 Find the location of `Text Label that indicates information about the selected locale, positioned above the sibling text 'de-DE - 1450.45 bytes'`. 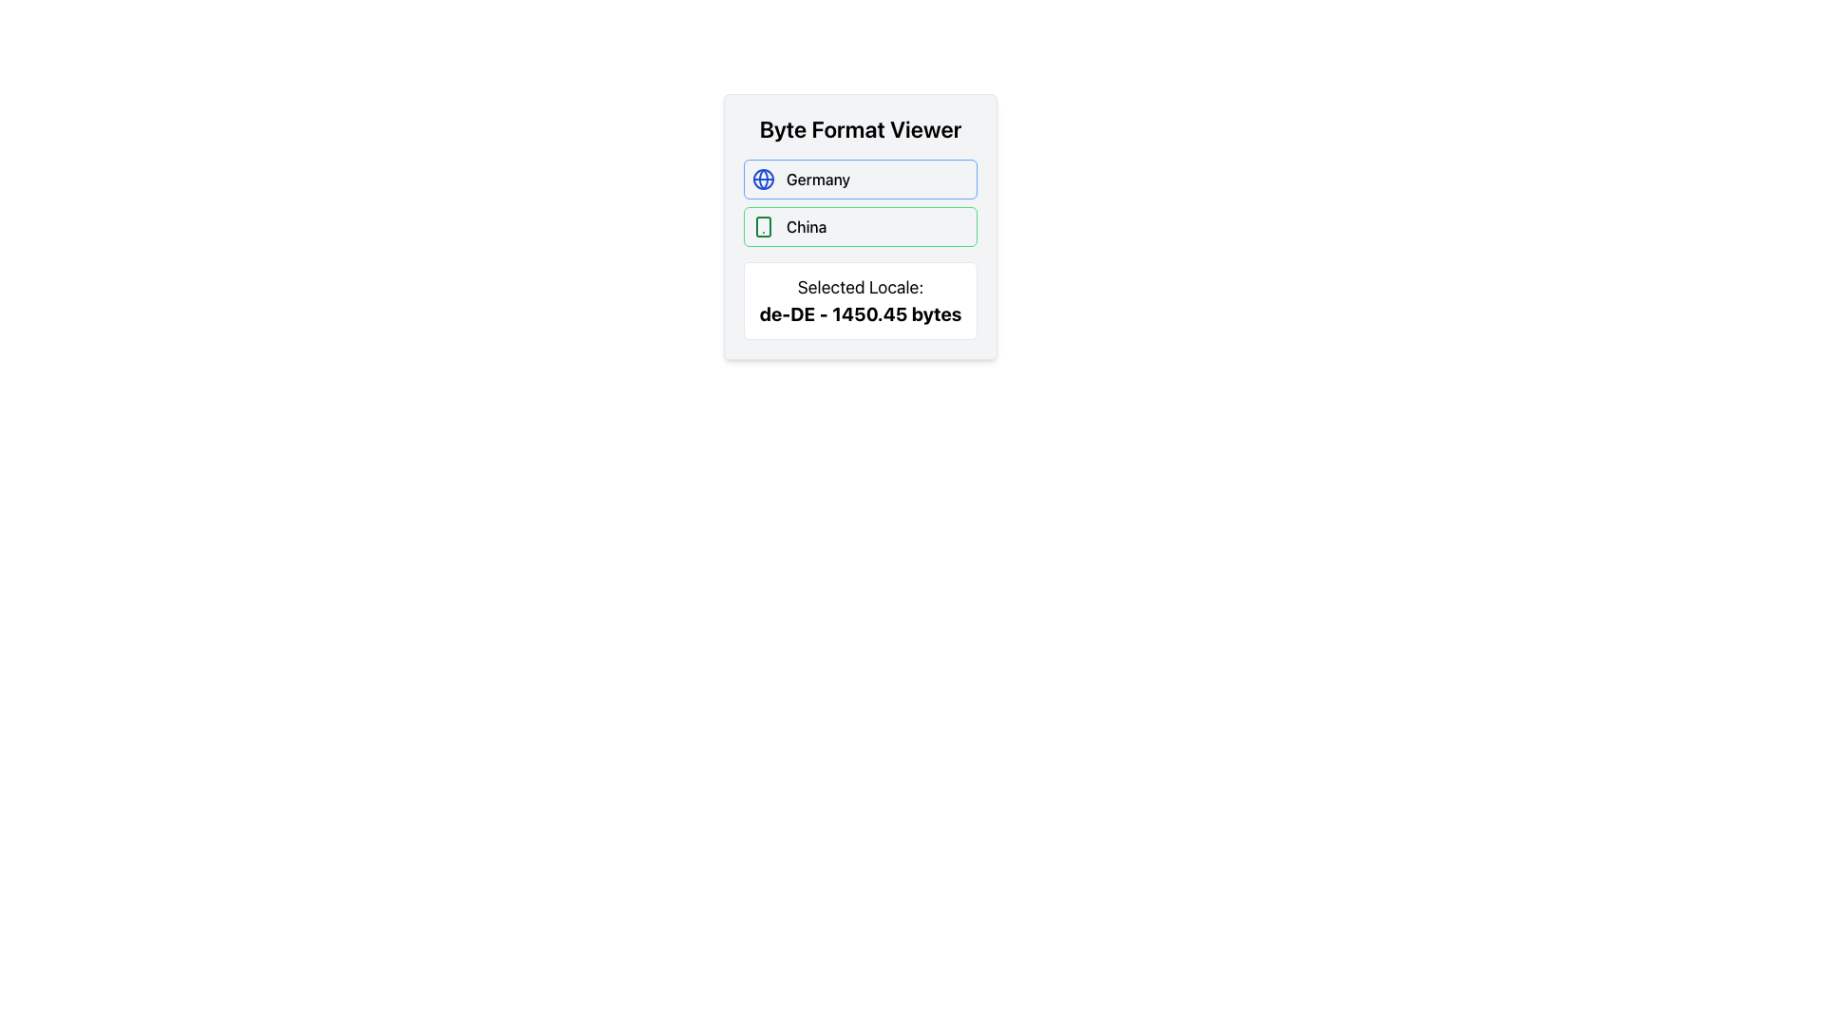

Text Label that indicates information about the selected locale, positioned above the sibling text 'de-DE - 1450.45 bytes' is located at coordinates (860, 288).